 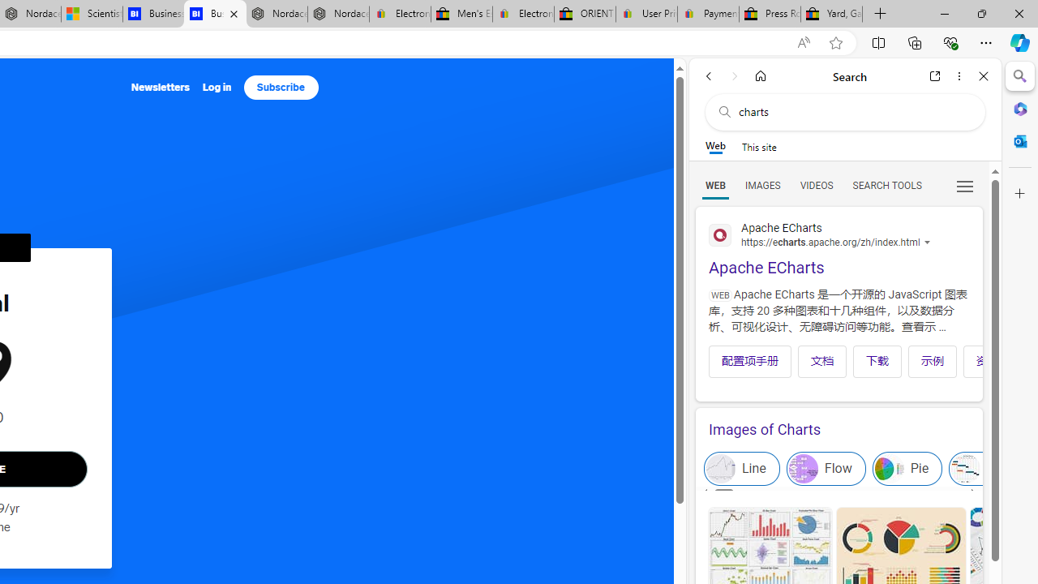 I want to click on 'Search Filter, Search Tools', so click(x=886, y=184).